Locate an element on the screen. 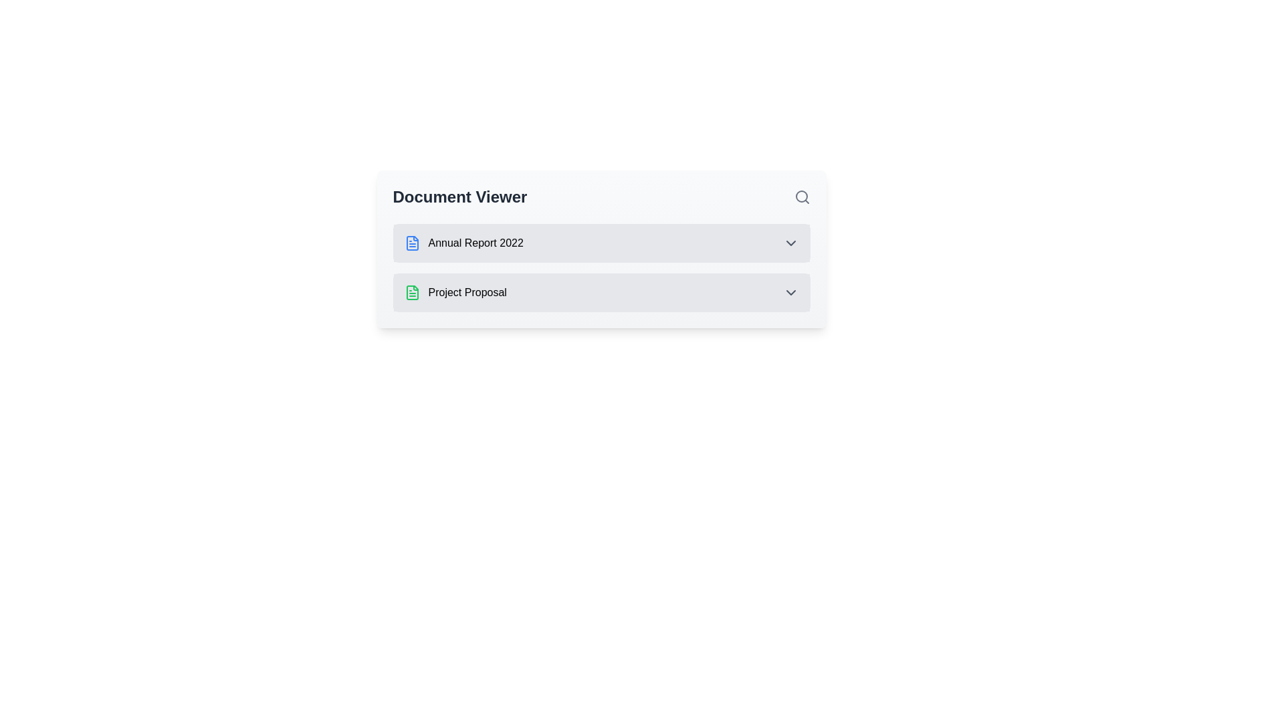  the first item in the Document Viewer list labeled 'Annual Report 2022' is located at coordinates (601, 243).